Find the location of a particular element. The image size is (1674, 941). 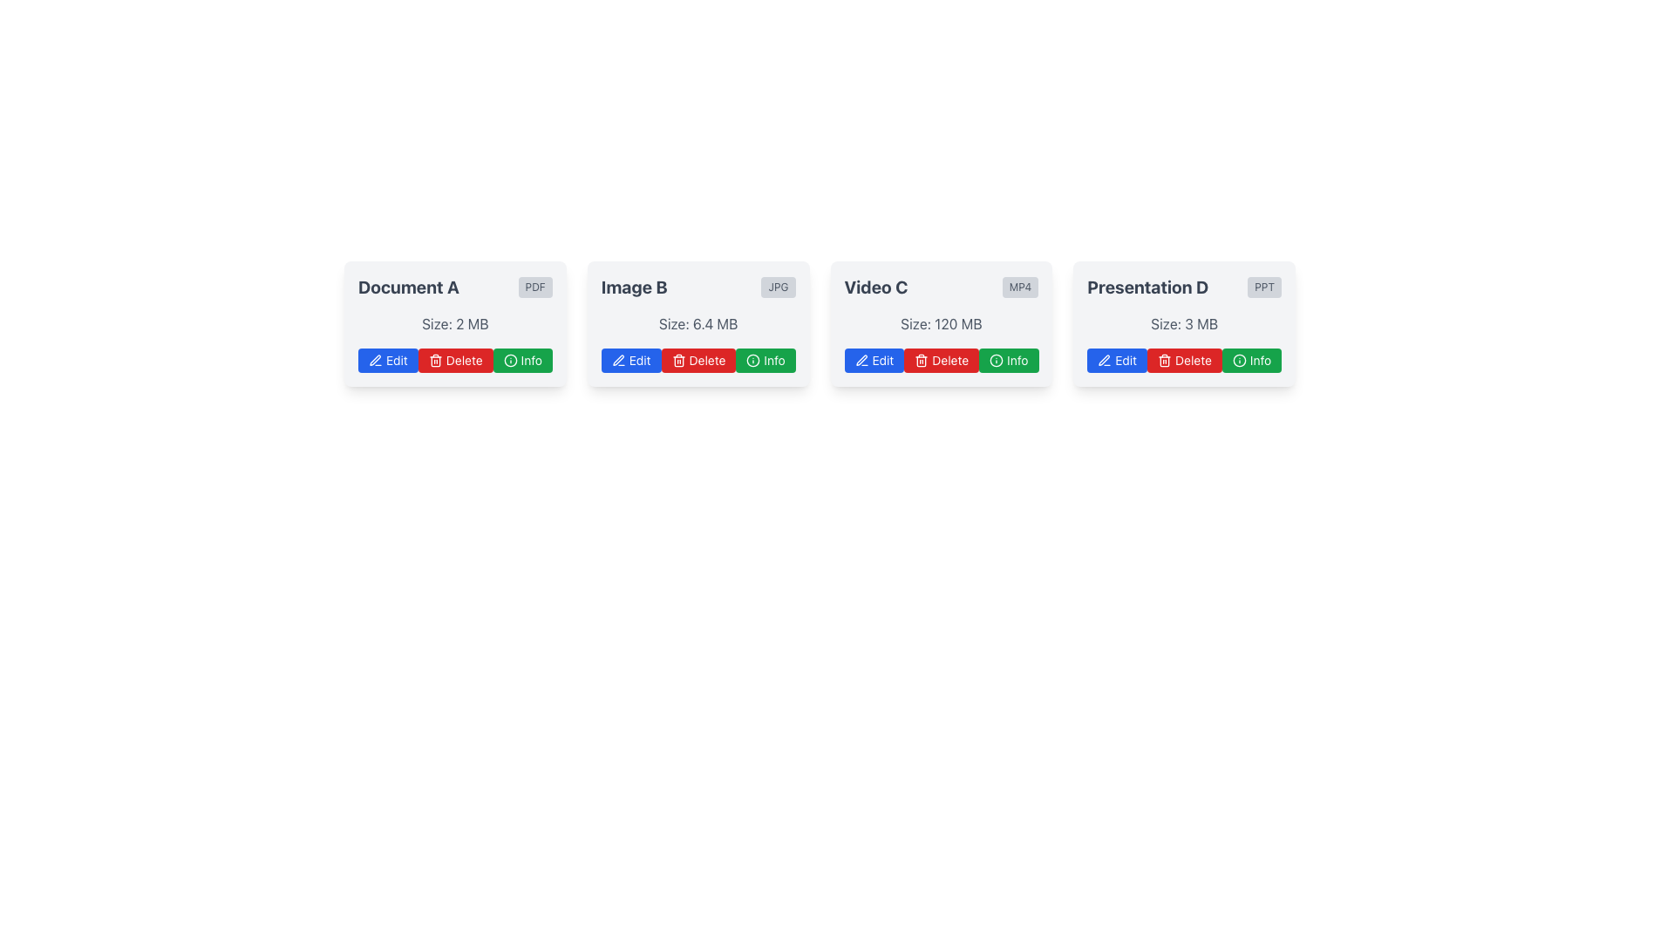

the delete button associated with 'Image B' to change its color indicating interactivity is located at coordinates (698, 359).